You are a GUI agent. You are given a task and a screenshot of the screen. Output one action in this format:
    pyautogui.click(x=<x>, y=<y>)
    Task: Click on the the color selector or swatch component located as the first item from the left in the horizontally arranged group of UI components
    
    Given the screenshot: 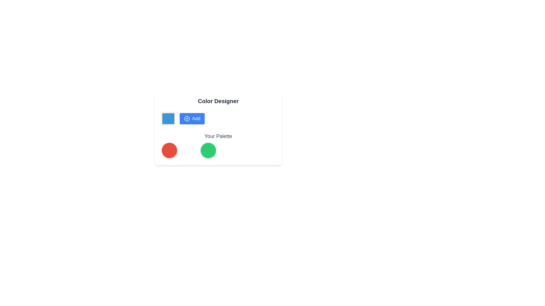 What is the action you would take?
    pyautogui.click(x=168, y=118)
    